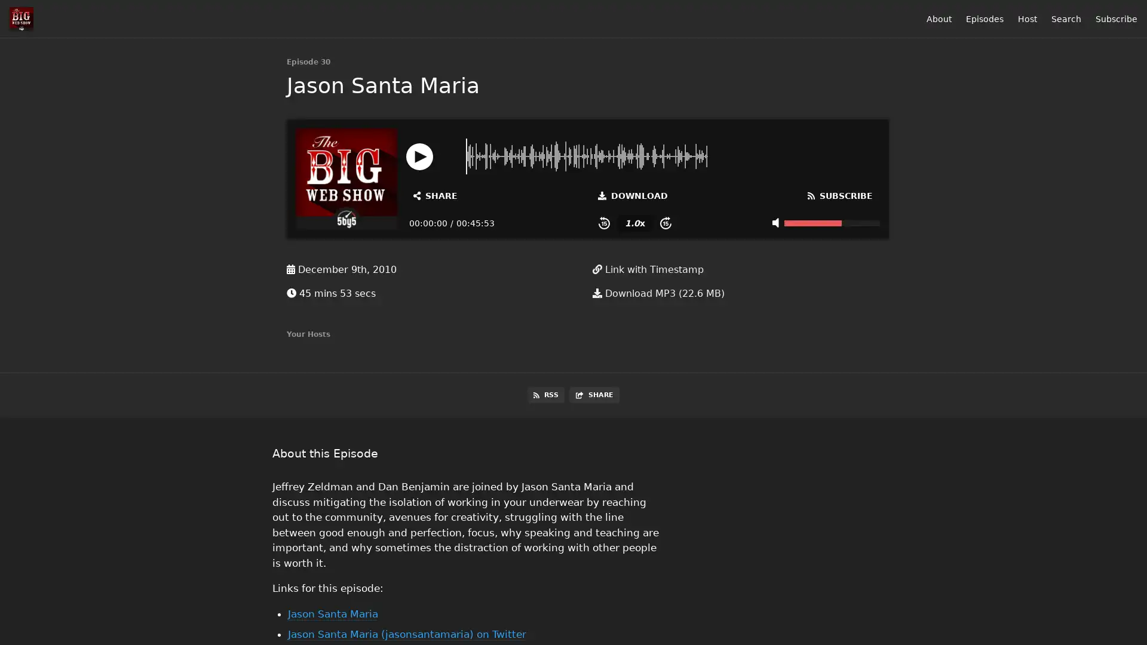 The width and height of the screenshot is (1147, 645). Describe the element at coordinates (604, 223) in the screenshot. I see `Skip Back 15 Seconds` at that location.